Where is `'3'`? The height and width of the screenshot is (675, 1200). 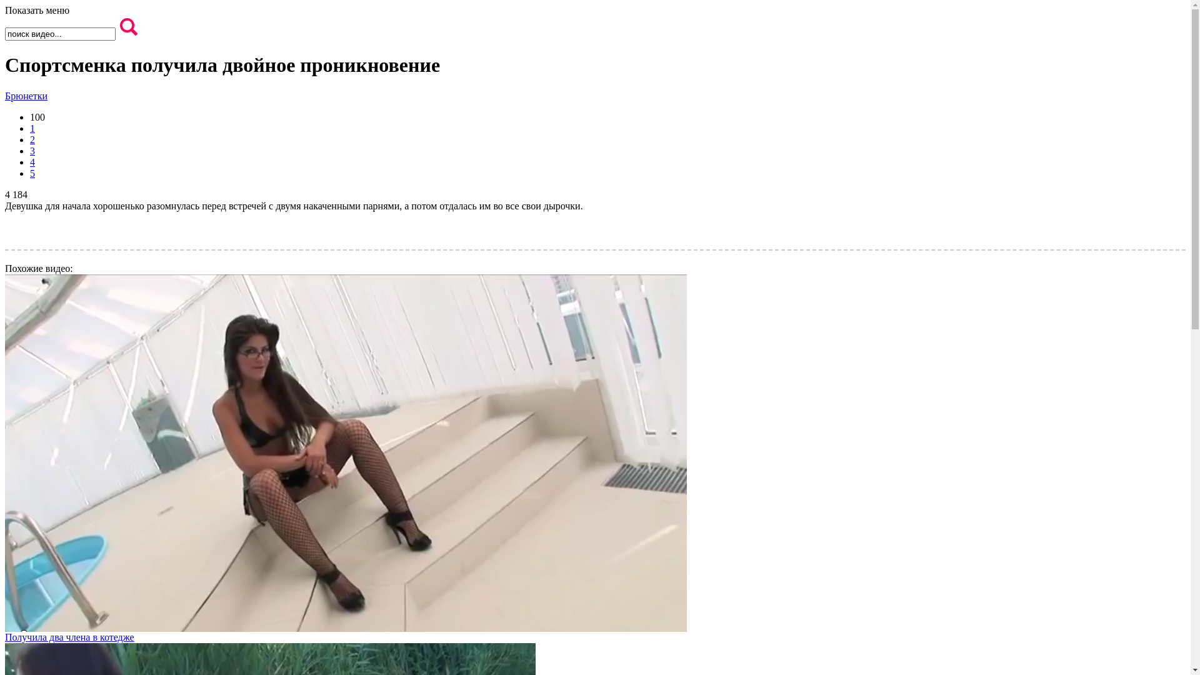 '3' is located at coordinates (32, 150).